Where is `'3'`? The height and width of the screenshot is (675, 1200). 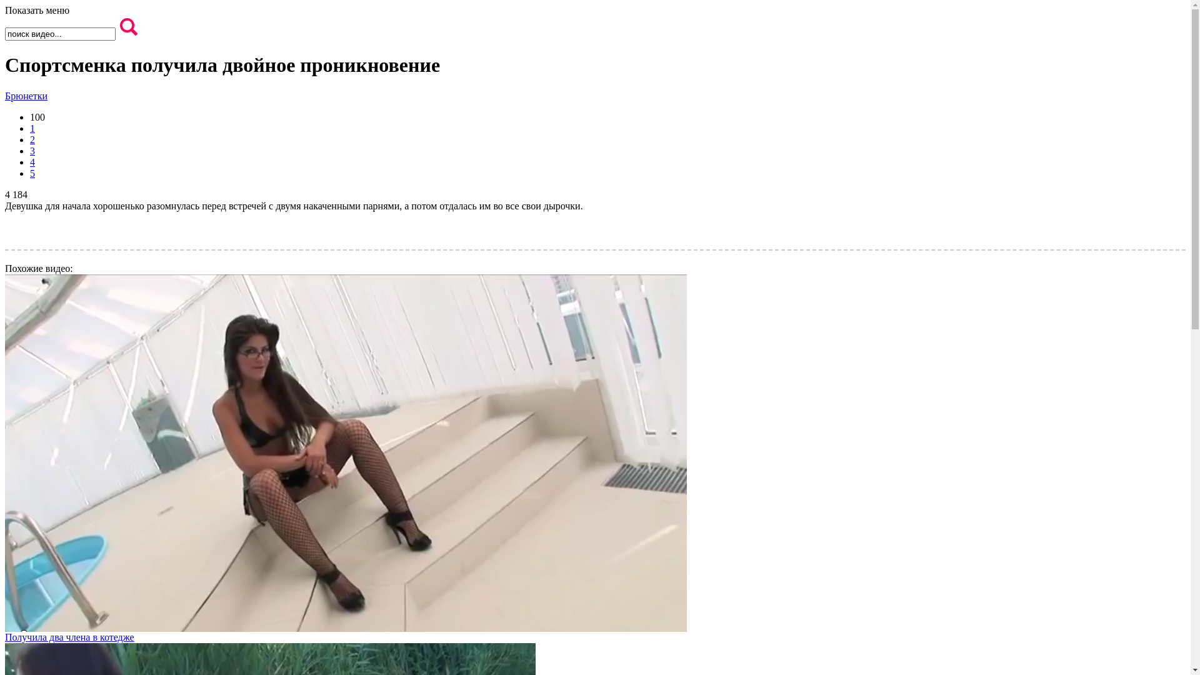 '3' is located at coordinates (32, 150).